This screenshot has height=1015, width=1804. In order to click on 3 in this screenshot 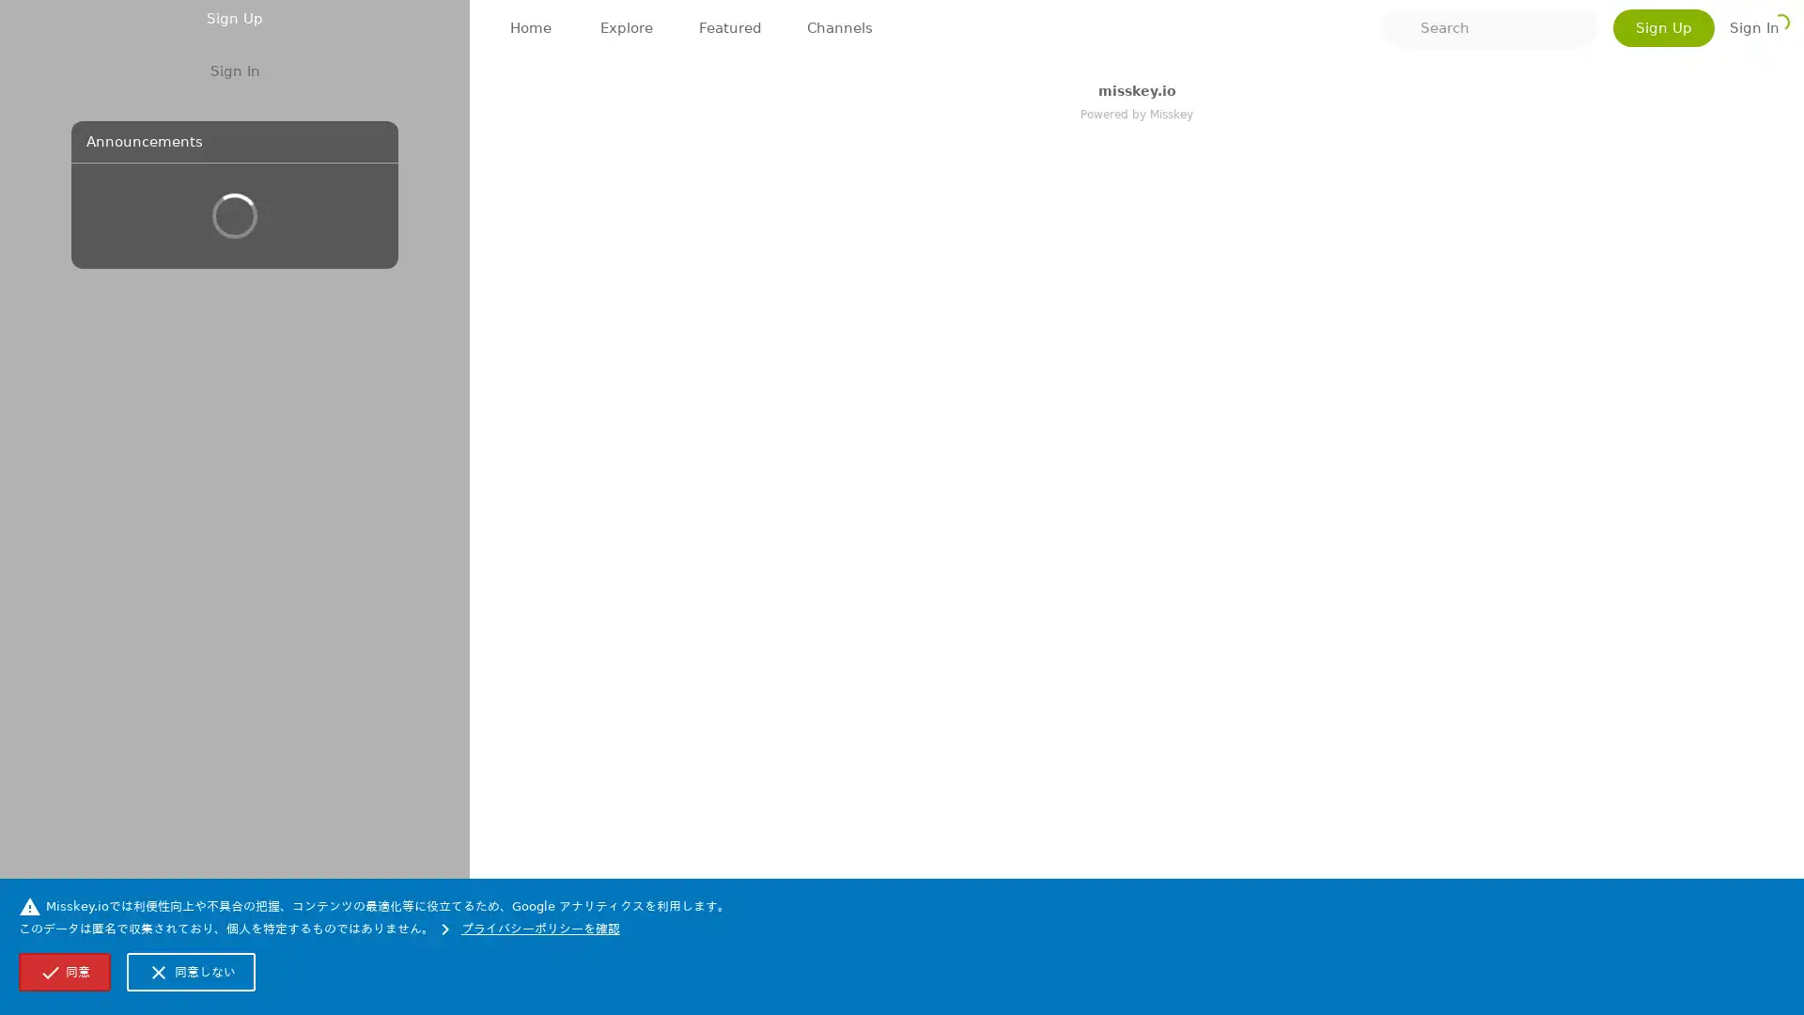, I will do `click(586, 257)`.